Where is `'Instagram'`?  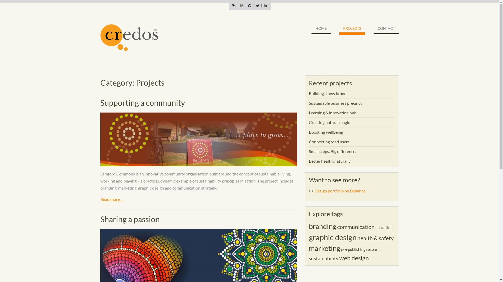
'Instagram' is located at coordinates (241, 5).